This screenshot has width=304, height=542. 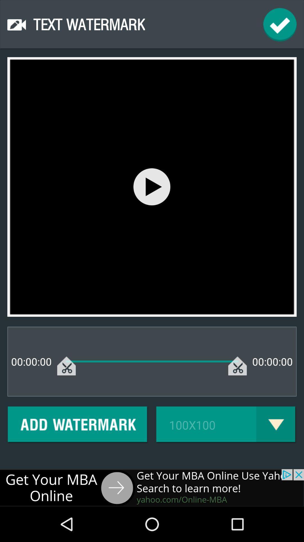 I want to click on advertisements website, so click(x=152, y=487).